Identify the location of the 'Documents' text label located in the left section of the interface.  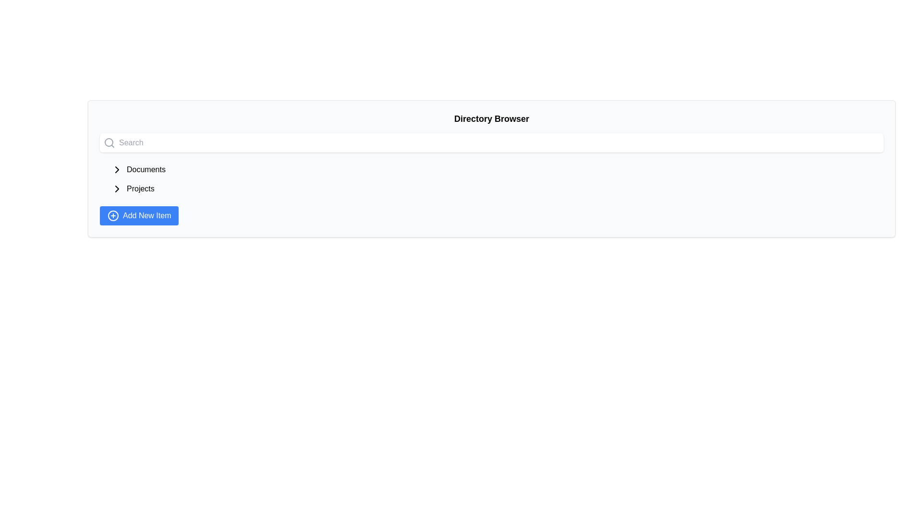
(146, 169).